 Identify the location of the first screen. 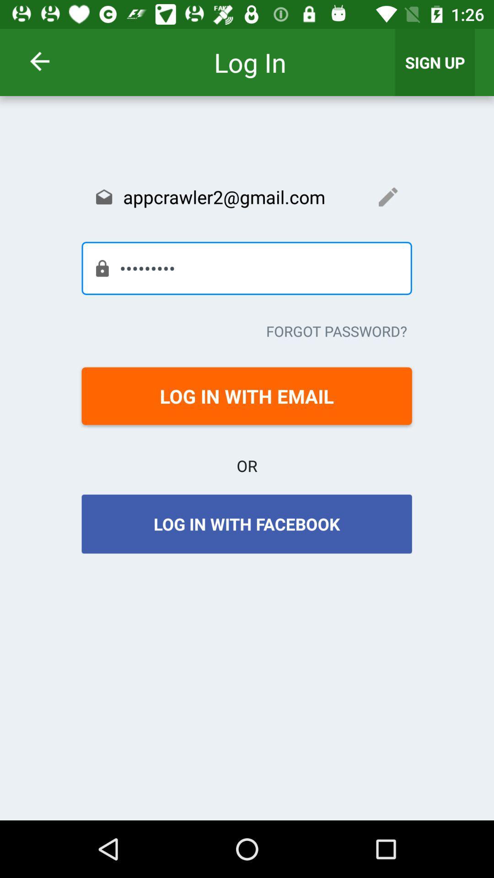
(52, 61).